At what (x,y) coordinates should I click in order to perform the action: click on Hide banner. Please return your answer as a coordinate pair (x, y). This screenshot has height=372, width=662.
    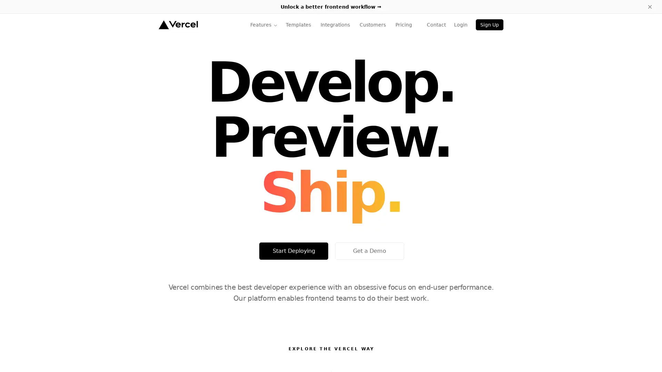
    Looking at the image, I should click on (650, 7).